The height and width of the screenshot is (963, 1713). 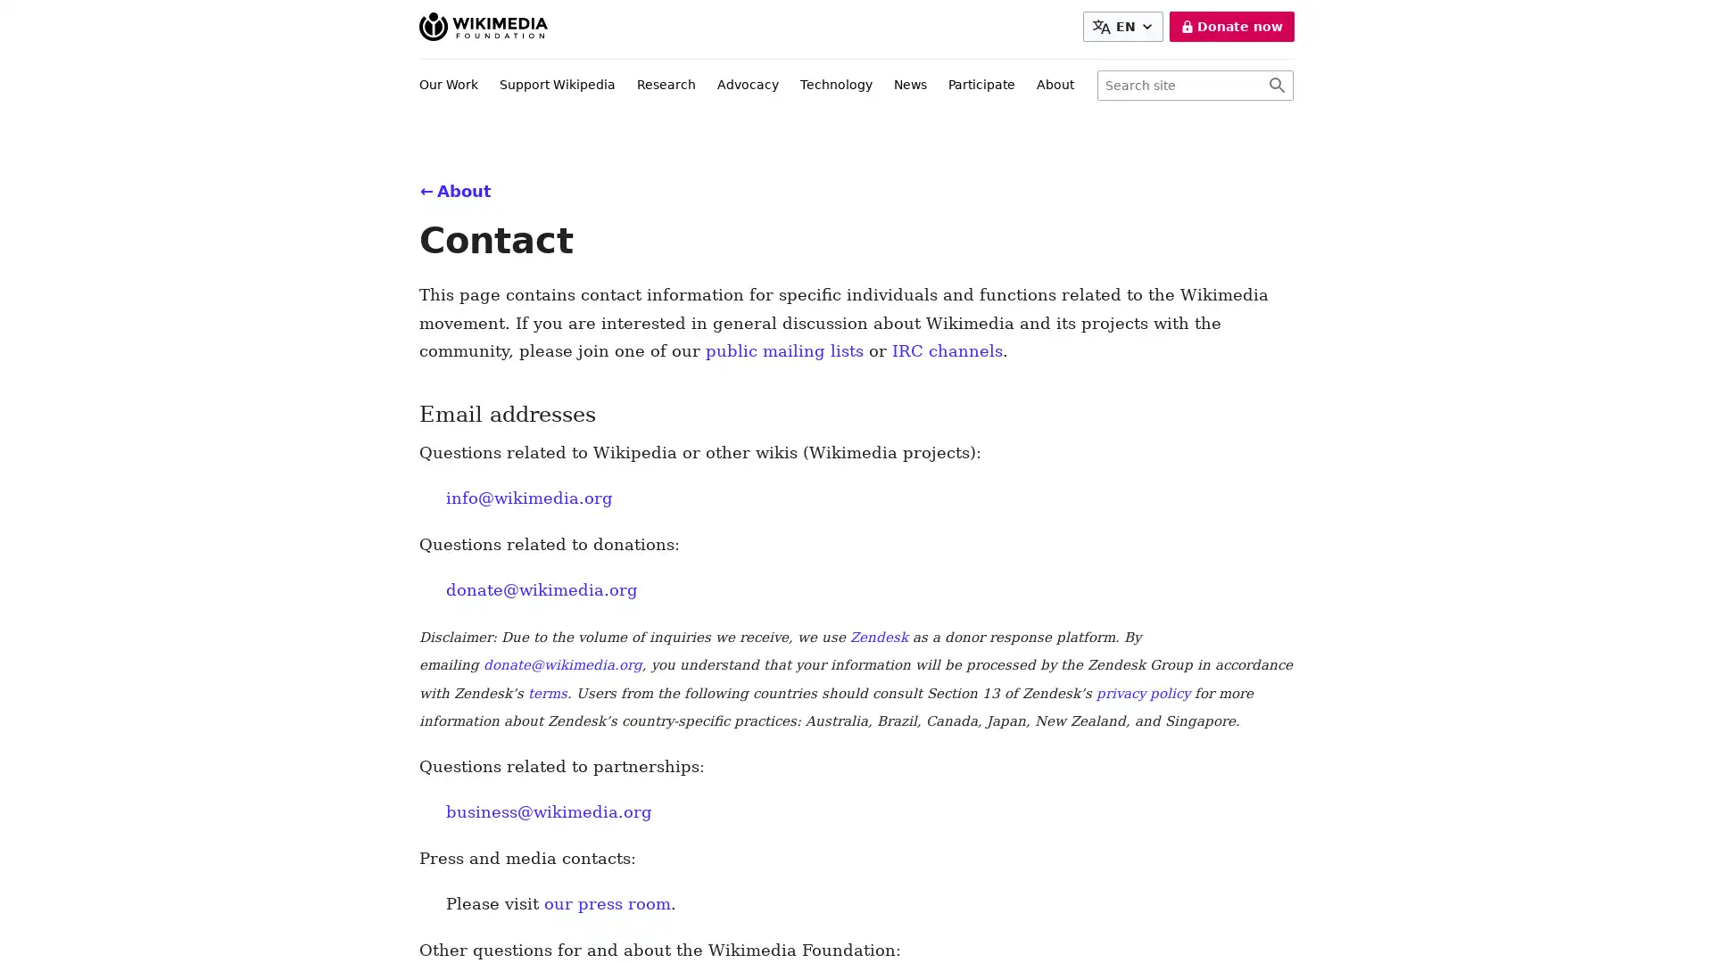 I want to click on CURRENT LANGUAGE: EN, so click(x=1121, y=27).